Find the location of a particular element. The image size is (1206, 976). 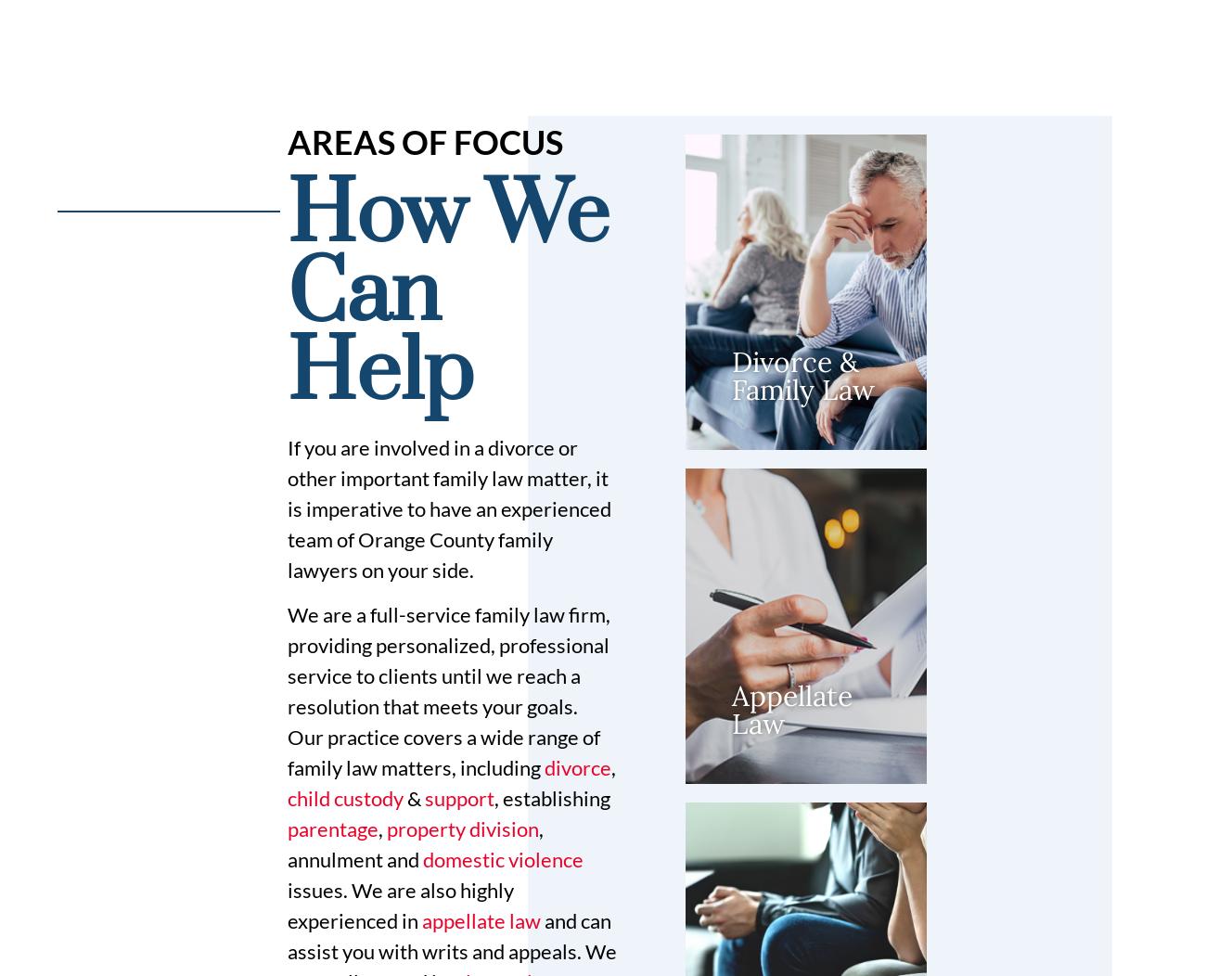

'appellate law' is located at coordinates (481, 919).